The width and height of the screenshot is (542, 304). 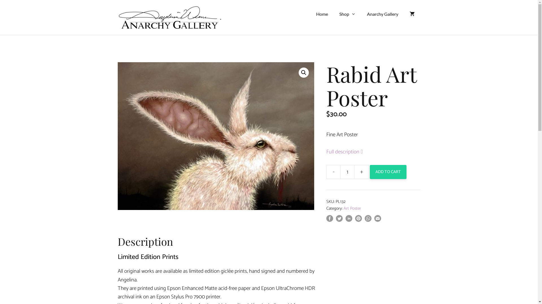 What do you see at coordinates (378, 220) in the screenshot?
I see `'Email this post!'` at bounding box center [378, 220].